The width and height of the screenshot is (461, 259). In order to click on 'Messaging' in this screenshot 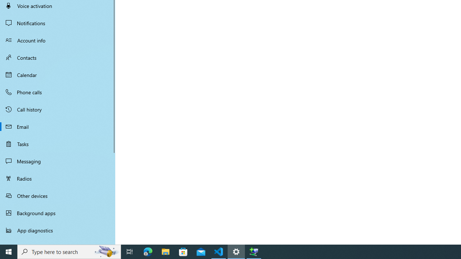, I will do `click(58, 161)`.